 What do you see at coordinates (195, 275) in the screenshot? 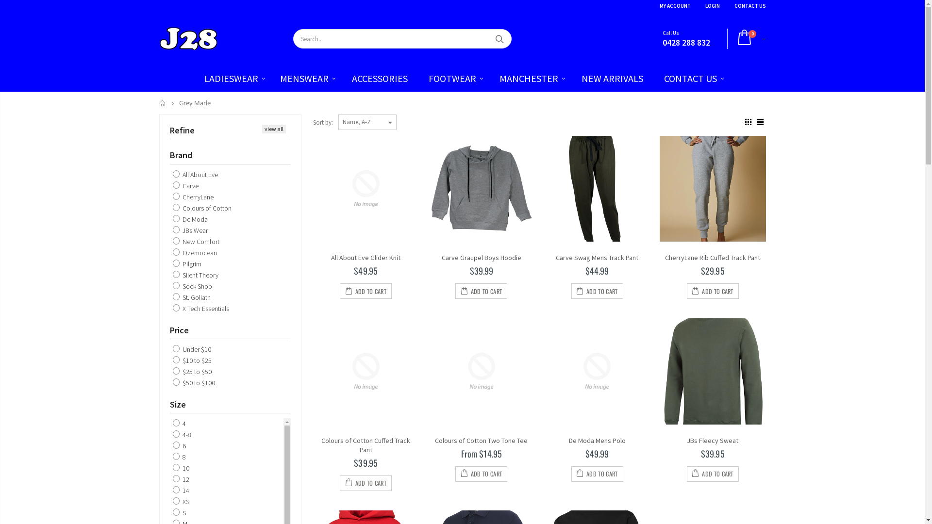
I see `'Silent Theory'` at bounding box center [195, 275].